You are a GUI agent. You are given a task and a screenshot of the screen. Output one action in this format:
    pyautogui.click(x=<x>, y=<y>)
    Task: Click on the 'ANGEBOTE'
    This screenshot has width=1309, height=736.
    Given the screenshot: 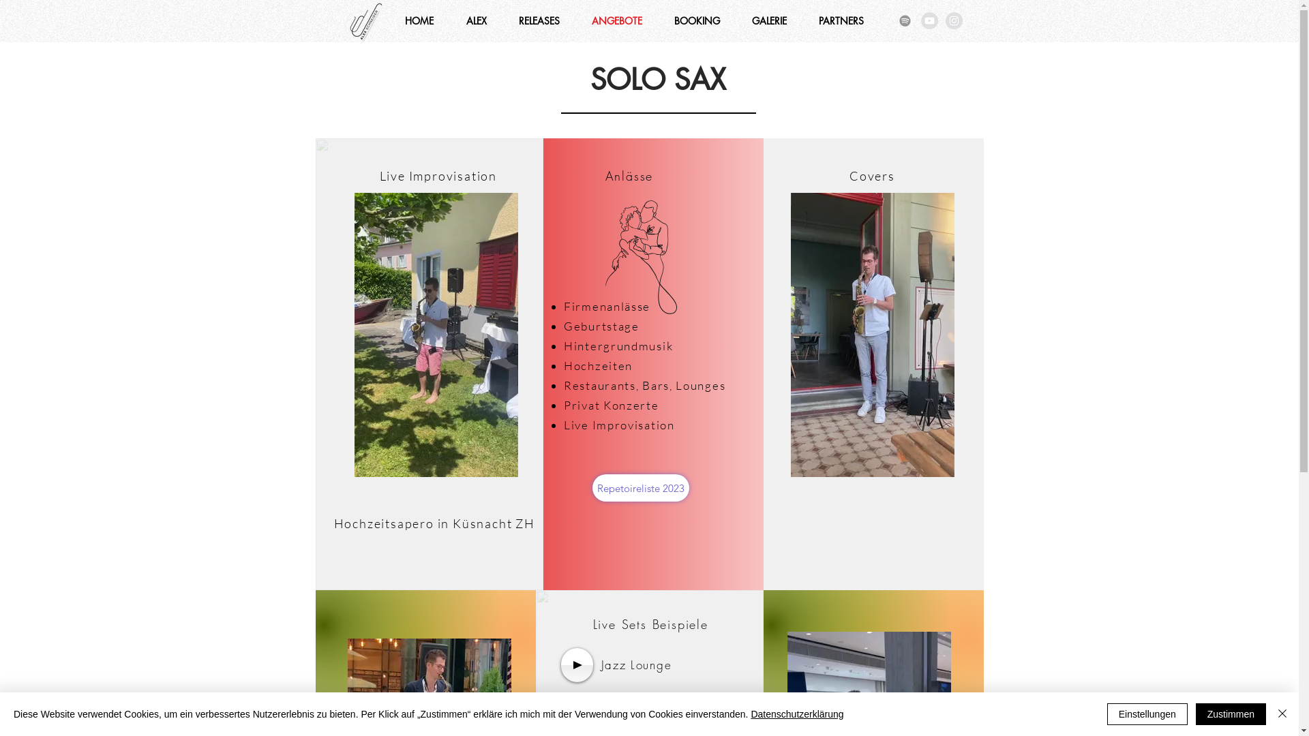 What is the action you would take?
    pyautogui.click(x=616, y=20)
    